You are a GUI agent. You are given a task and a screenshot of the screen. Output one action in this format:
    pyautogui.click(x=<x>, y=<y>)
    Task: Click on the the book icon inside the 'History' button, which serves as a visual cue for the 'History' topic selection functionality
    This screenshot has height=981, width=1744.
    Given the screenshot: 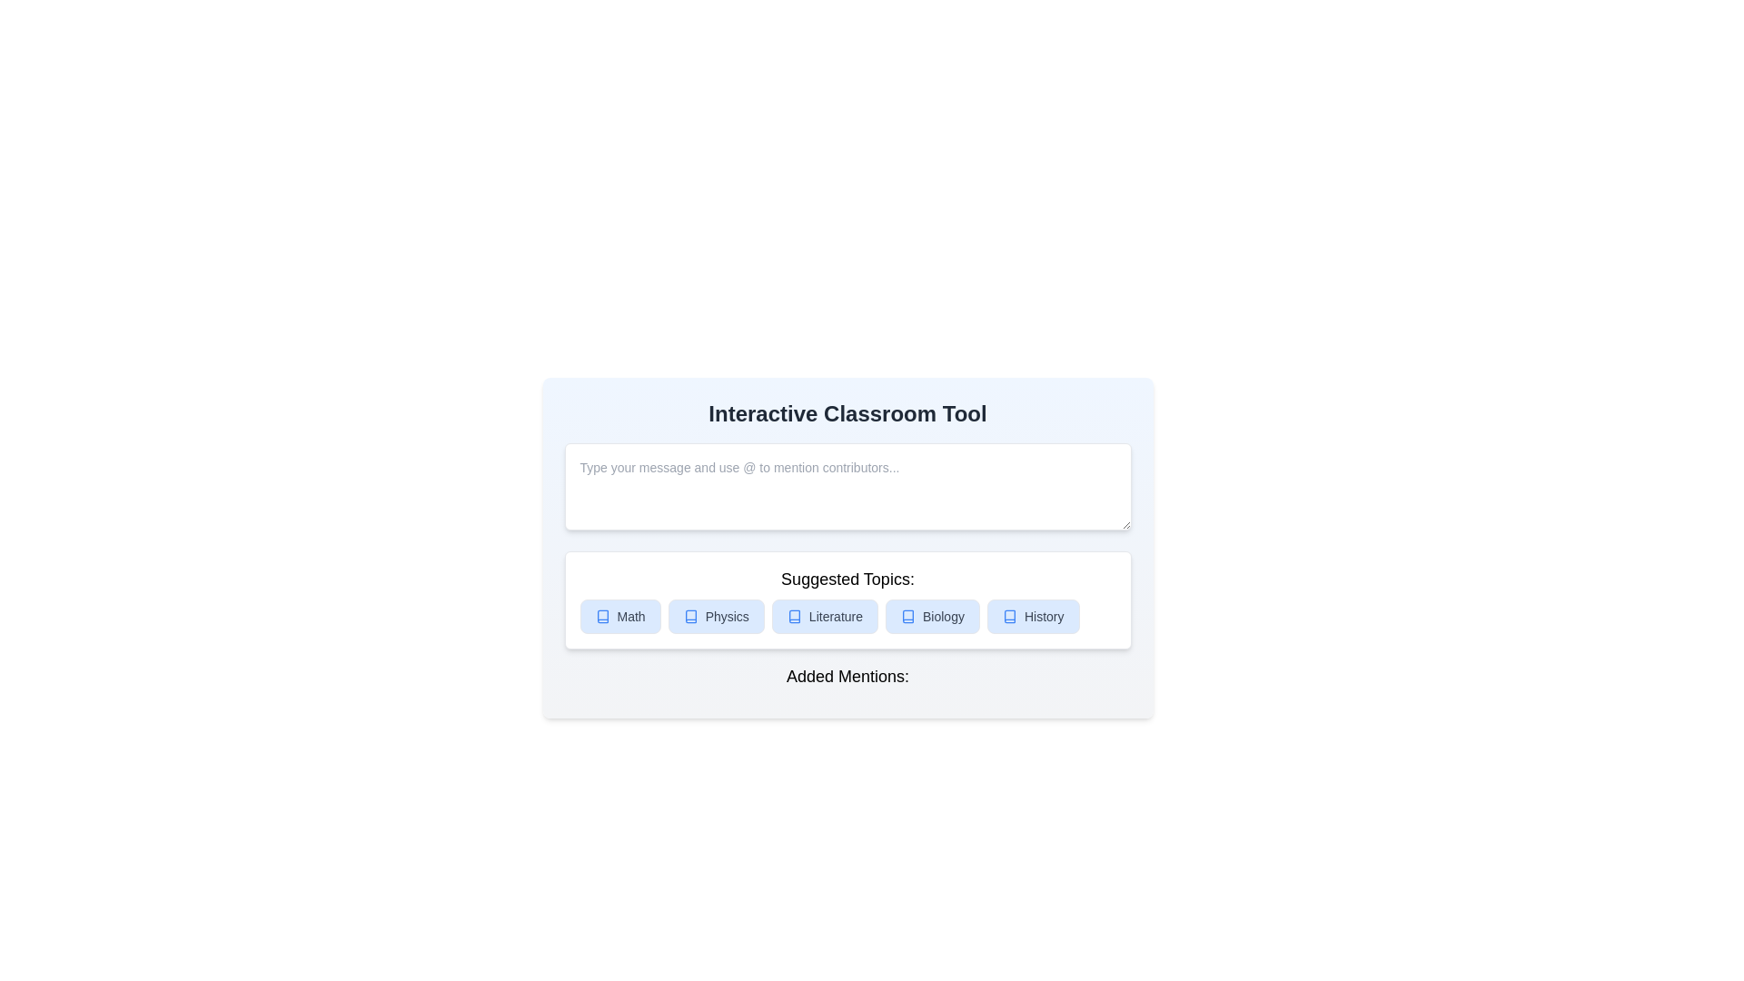 What is the action you would take?
    pyautogui.click(x=1008, y=615)
    